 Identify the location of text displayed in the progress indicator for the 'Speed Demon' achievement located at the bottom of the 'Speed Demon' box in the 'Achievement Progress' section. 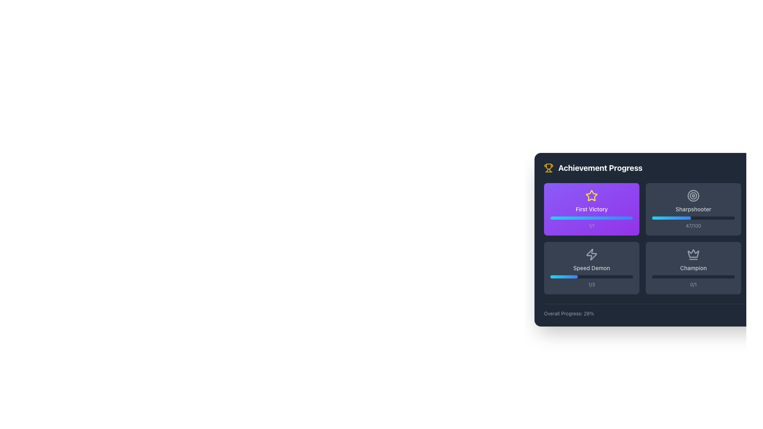
(591, 284).